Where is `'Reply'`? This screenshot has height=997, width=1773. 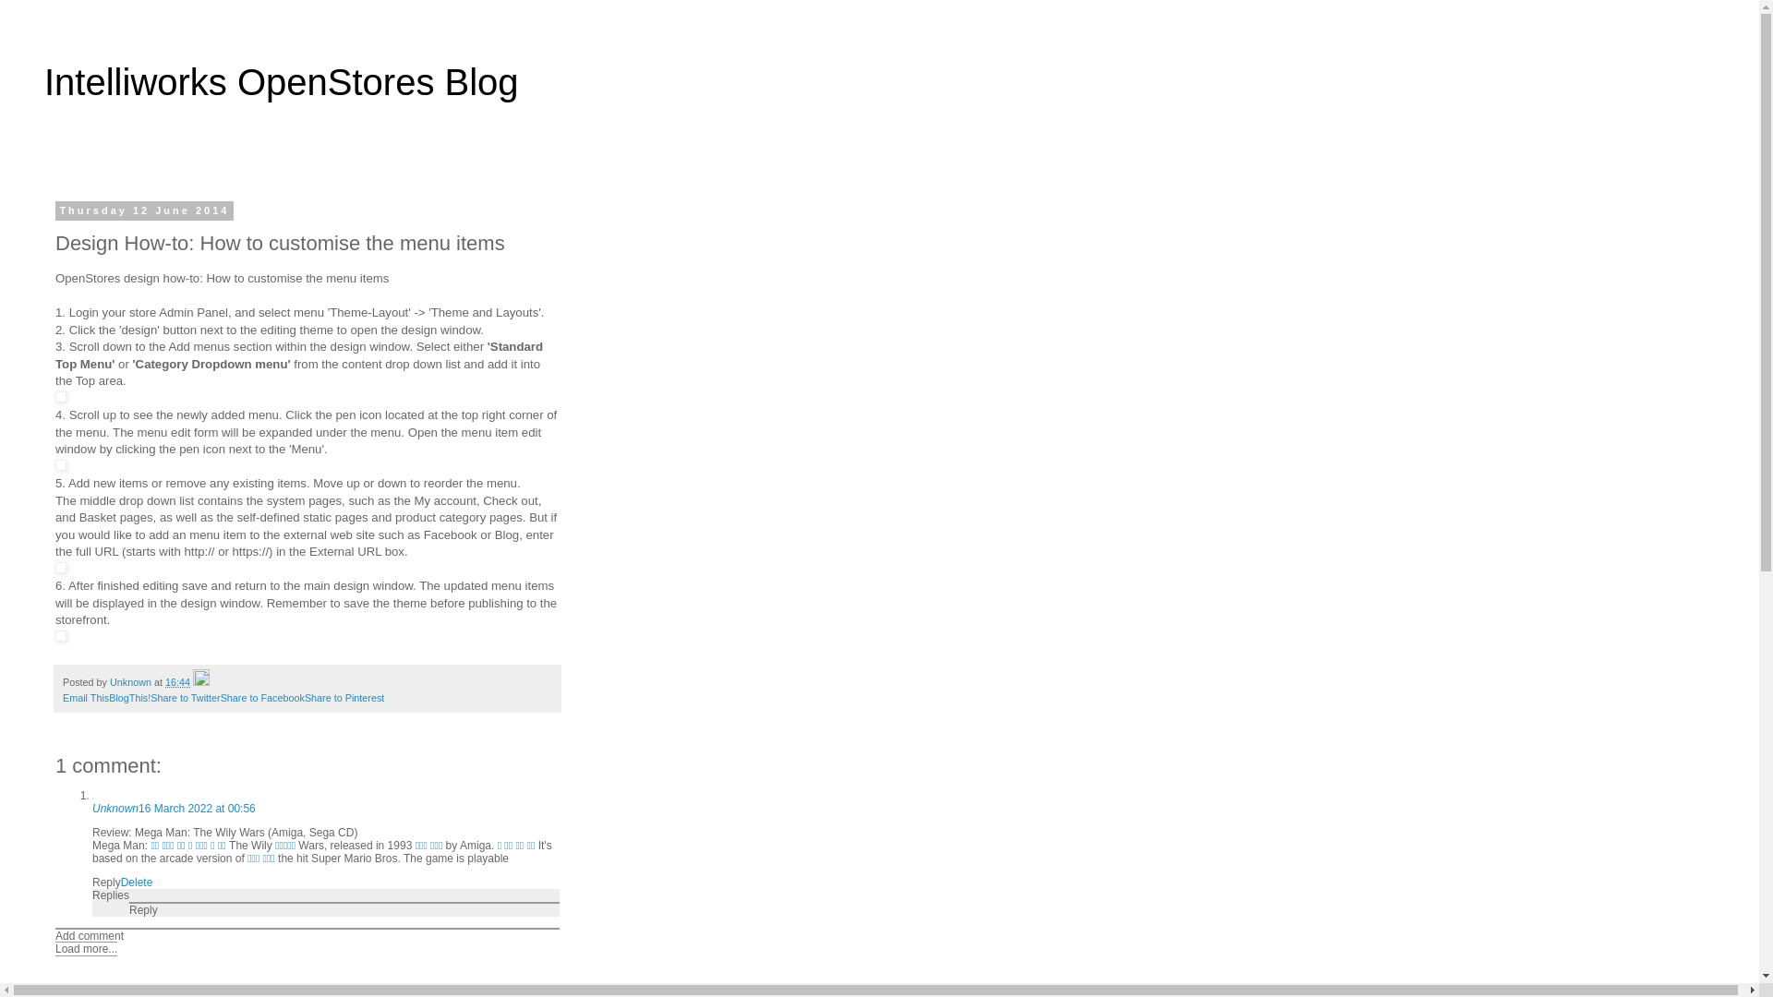 'Reply' is located at coordinates (142, 909).